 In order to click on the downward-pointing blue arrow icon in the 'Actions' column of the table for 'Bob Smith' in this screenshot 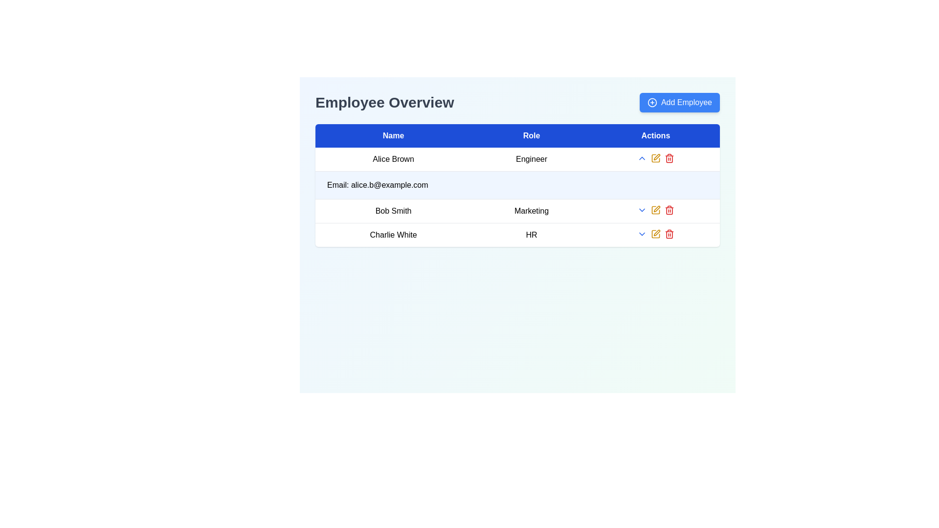, I will do `click(642, 234)`.